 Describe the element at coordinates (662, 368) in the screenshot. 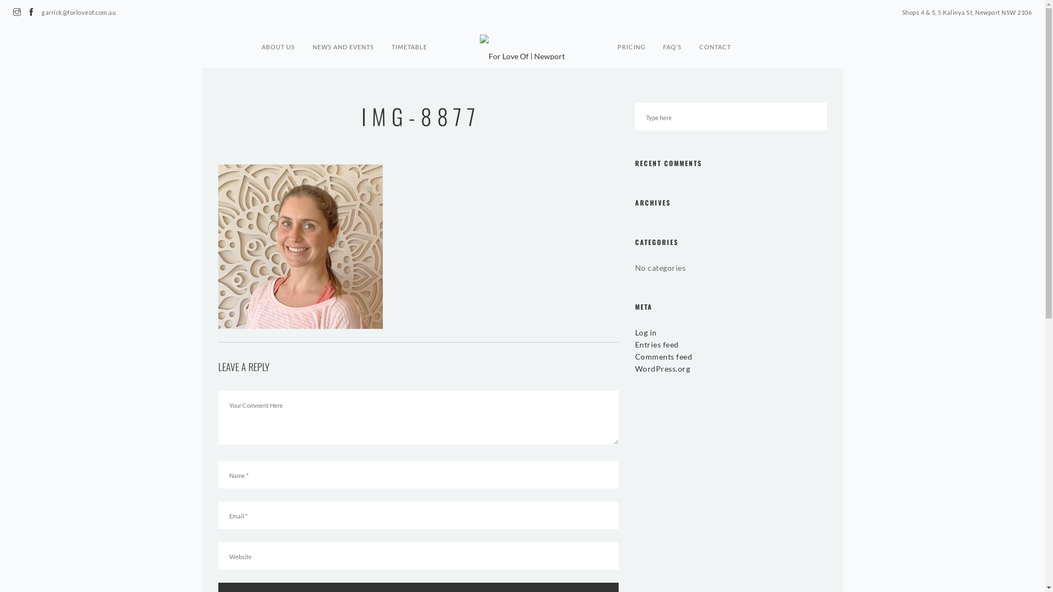

I see `'WordPress.org'` at that location.